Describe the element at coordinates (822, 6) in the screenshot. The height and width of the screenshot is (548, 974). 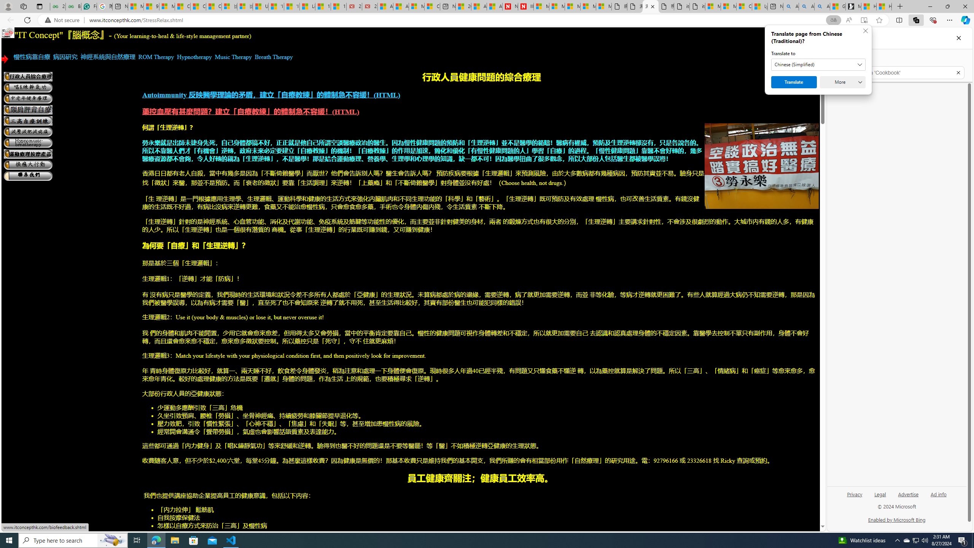
I see `'Alabama high school quarterback dies - Search Videos'` at that location.